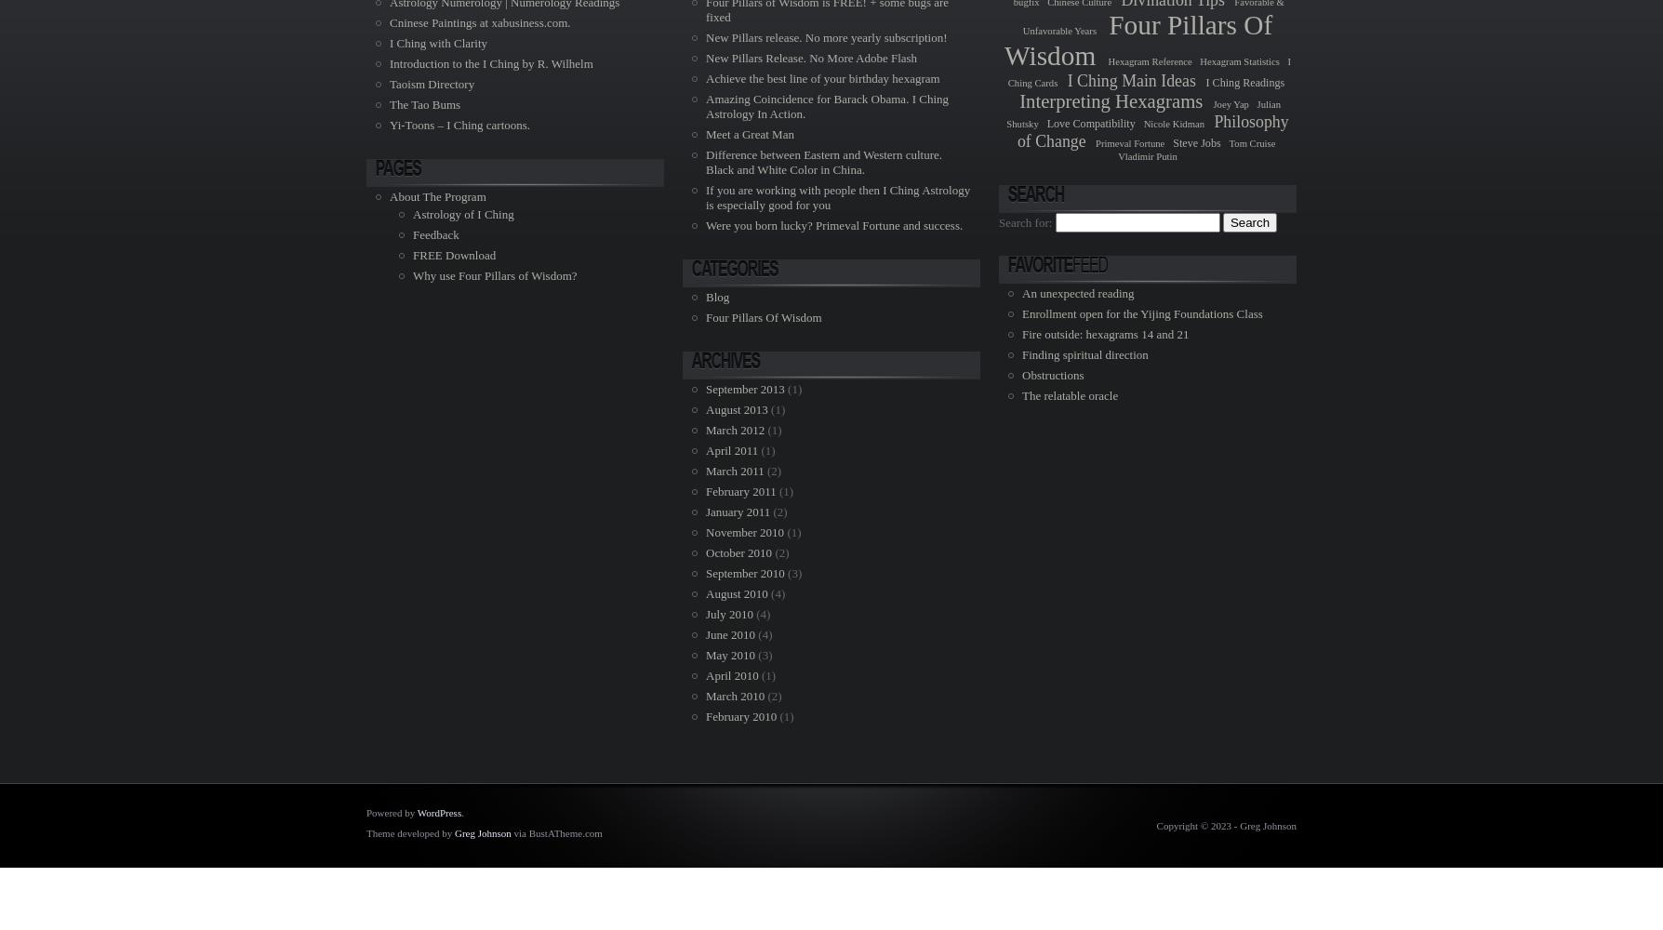 The height and width of the screenshot is (930, 1663). What do you see at coordinates (1238, 60) in the screenshot?
I see `'Hexagram Statistics'` at bounding box center [1238, 60].